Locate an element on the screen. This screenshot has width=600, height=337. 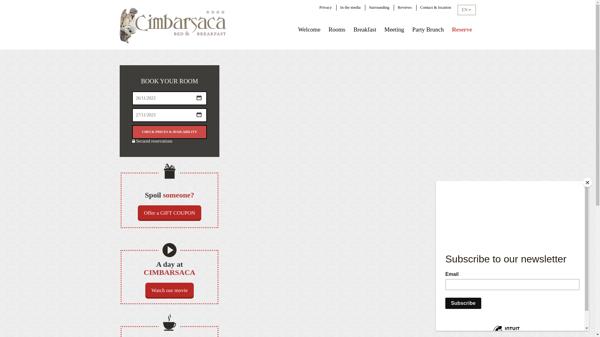
'...' is located at coordinates (199, 97).